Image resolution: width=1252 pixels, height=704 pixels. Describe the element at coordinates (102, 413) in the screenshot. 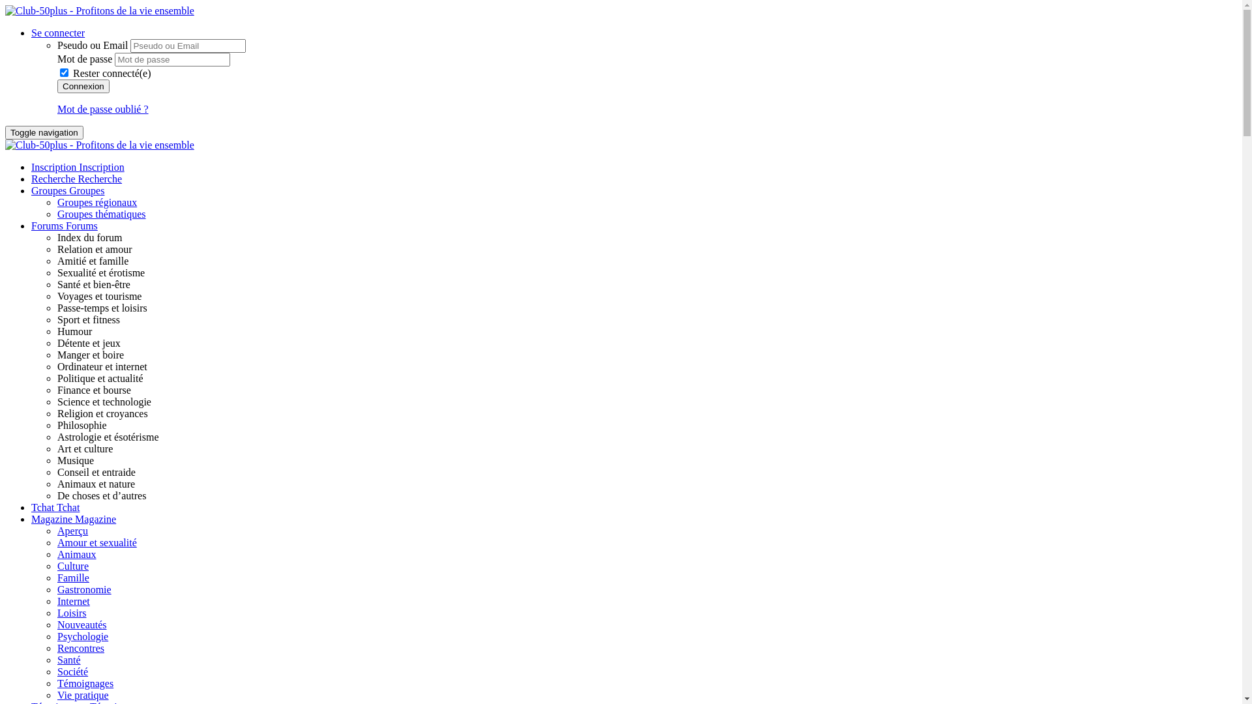

I see `'Religion et croyances'` at that location.